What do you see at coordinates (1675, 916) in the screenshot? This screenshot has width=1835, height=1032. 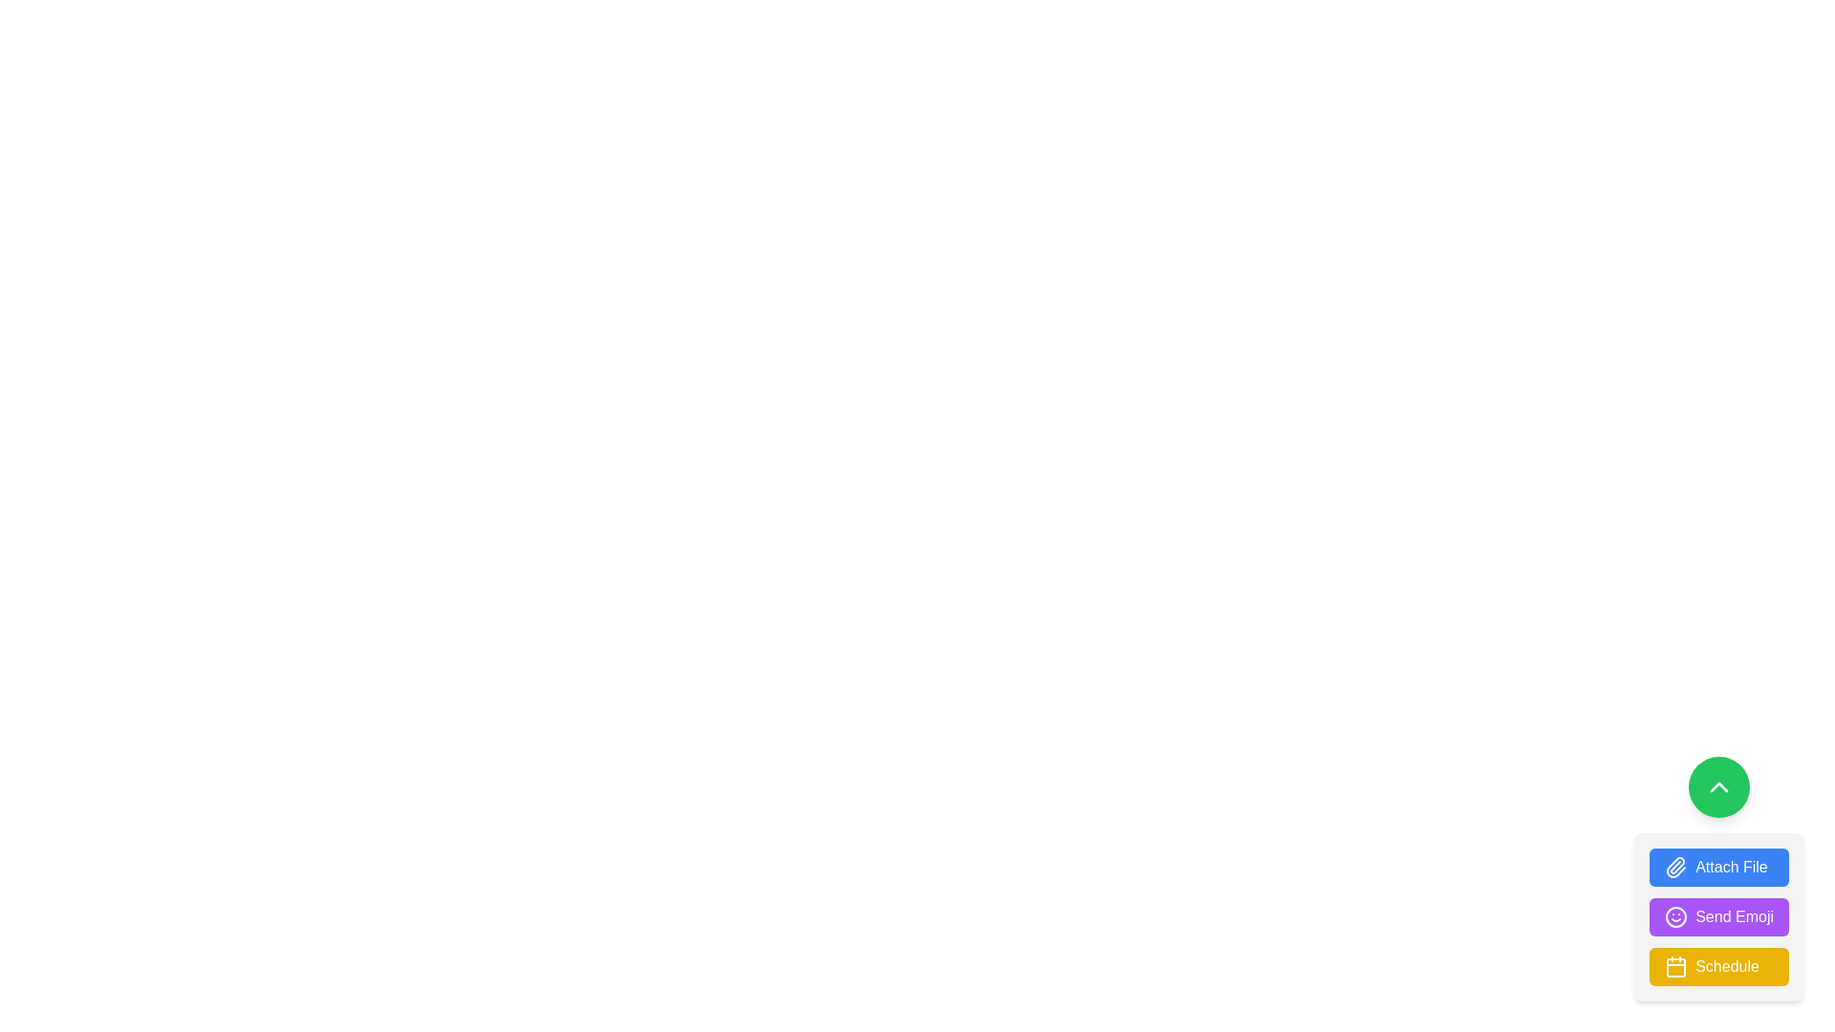 I see `the 'Send Emoji' button, which is represented by an emoji icon located in the lower right corner of the interface` at bounding box center [1675, 916].